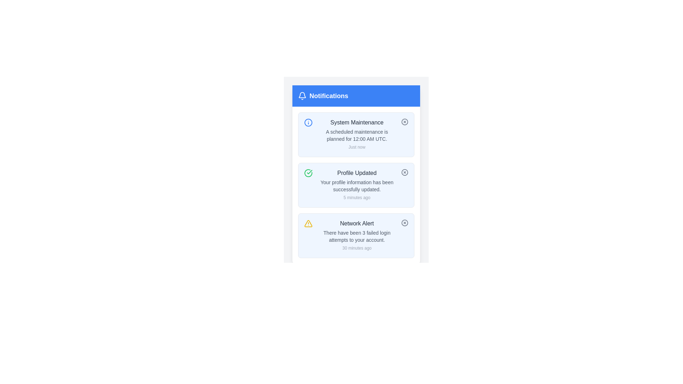 This screenshot has height=384, width=683. I want to click on the green circular icon with a checkmark symbol located in the top-left corner of the 'Profile Updated' notification card, so click(308, 173).